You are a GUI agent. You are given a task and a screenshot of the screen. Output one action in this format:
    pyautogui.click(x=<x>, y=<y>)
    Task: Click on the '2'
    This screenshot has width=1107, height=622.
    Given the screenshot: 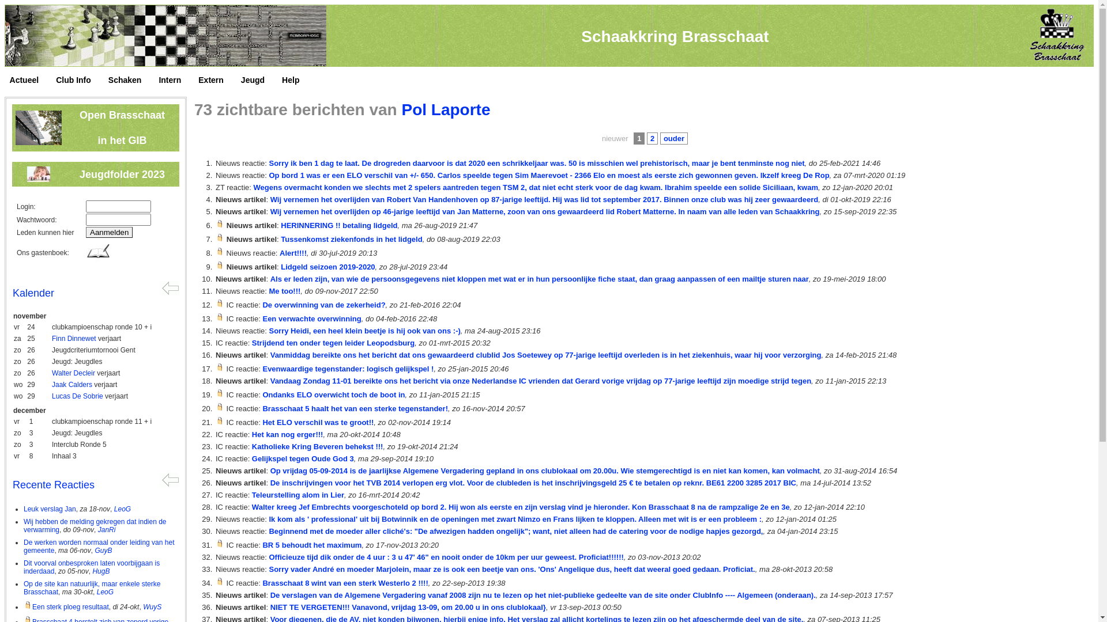 What is the action you would take?
    pyautogui.click(x=652, y=138)
    